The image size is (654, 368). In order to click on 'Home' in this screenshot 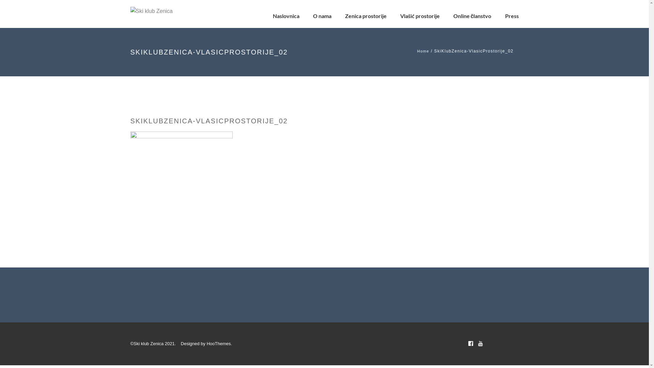, I will do `click(423, 51)`.